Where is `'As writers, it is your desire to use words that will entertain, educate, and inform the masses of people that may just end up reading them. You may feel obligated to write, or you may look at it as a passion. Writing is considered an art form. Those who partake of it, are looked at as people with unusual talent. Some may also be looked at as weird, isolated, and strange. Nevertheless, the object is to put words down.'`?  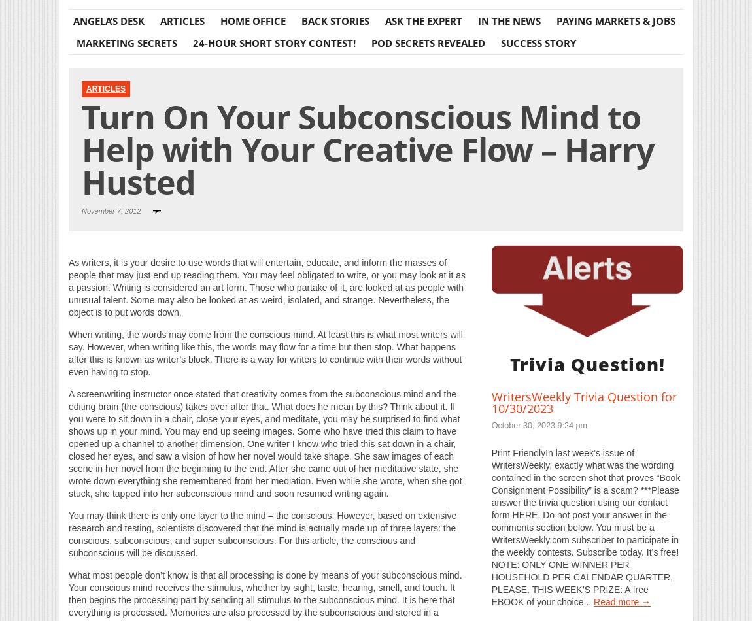 'As writers, it is your desire to use words that will entertain, educate, and inform the masses of people that may just end up reading them. You may feel obligated to write, or you may look at it as a passion. Writing is considered an art form. Those who partake of it, are looked at as people with unusual talent. Some may also be looked at as weird, isolated, and strange. Nevertheless, the object is to put words down.' is located at coordinates (267, 286).